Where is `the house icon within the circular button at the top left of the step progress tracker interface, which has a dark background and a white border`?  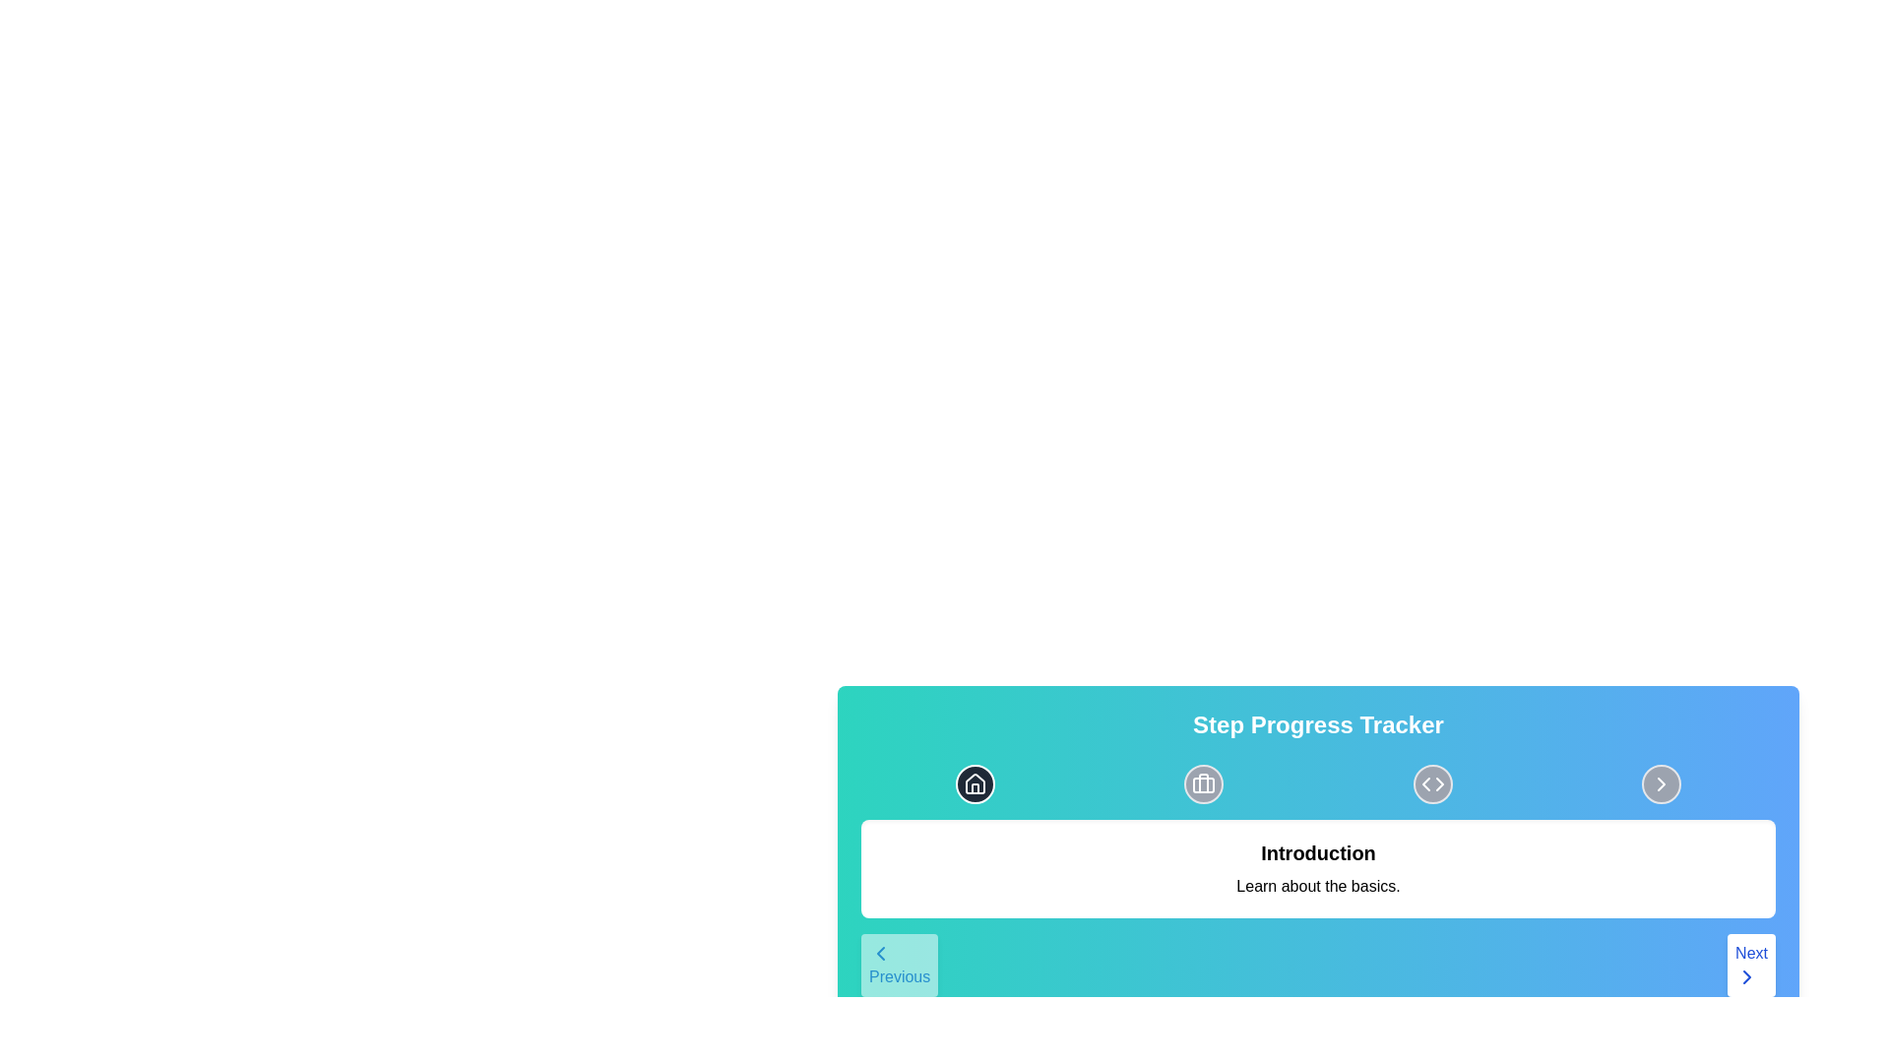
the house icon within the circular button at the top left of the step progress tracker interface, which has a dark background and a white border is located at coordinates (976, 783).